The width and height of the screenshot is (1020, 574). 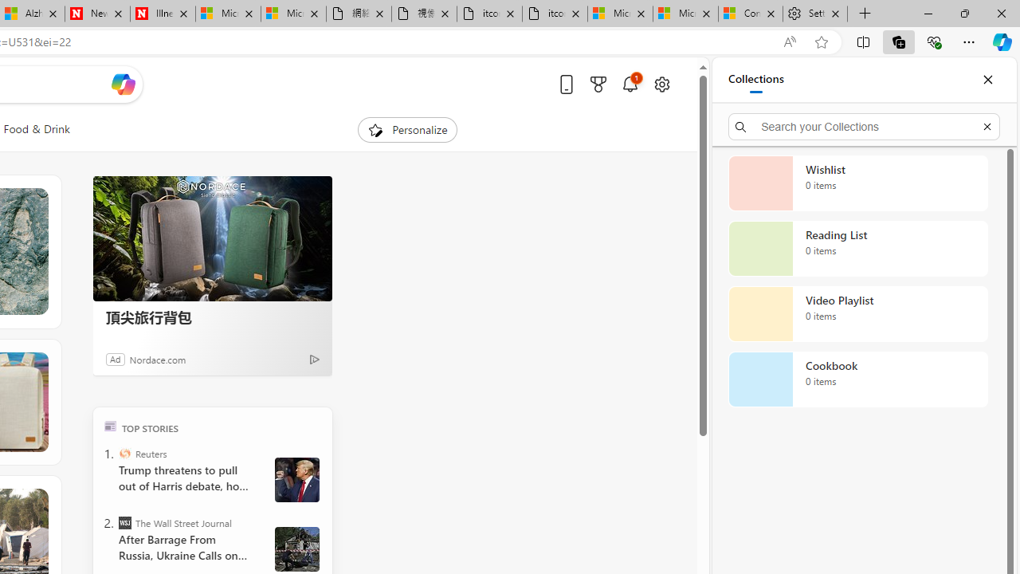 What do you see at coordinates (109, 425) in the screenshot?
I see `'TOP'` at bounding box center [109, 425].